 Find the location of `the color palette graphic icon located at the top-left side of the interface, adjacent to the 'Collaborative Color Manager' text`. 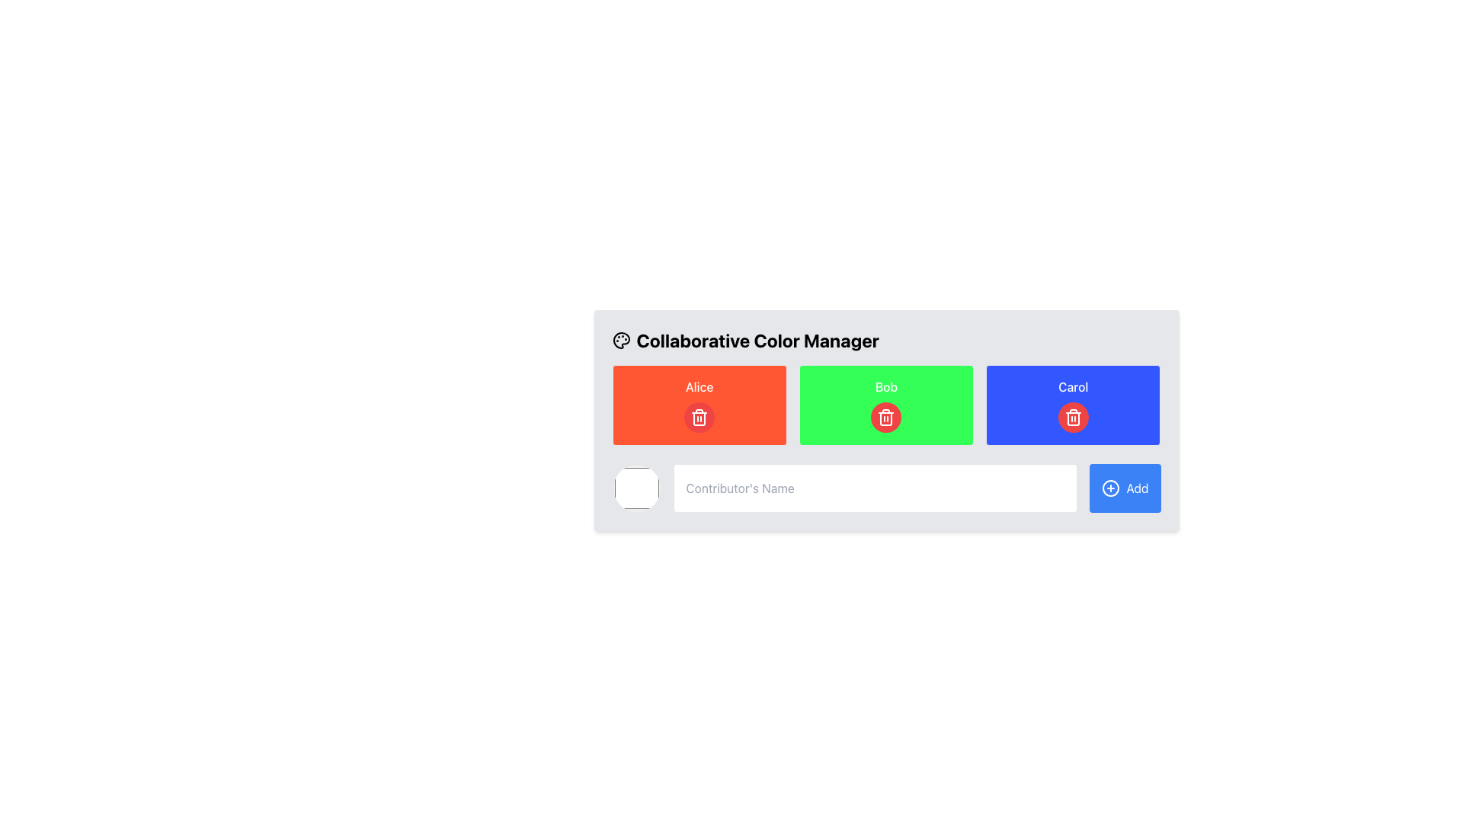

the color palette graphic icon located at the top-left side of the interface, adjacent to the 'Collaborative Color Manager' text is located at coordinates (621, 340).